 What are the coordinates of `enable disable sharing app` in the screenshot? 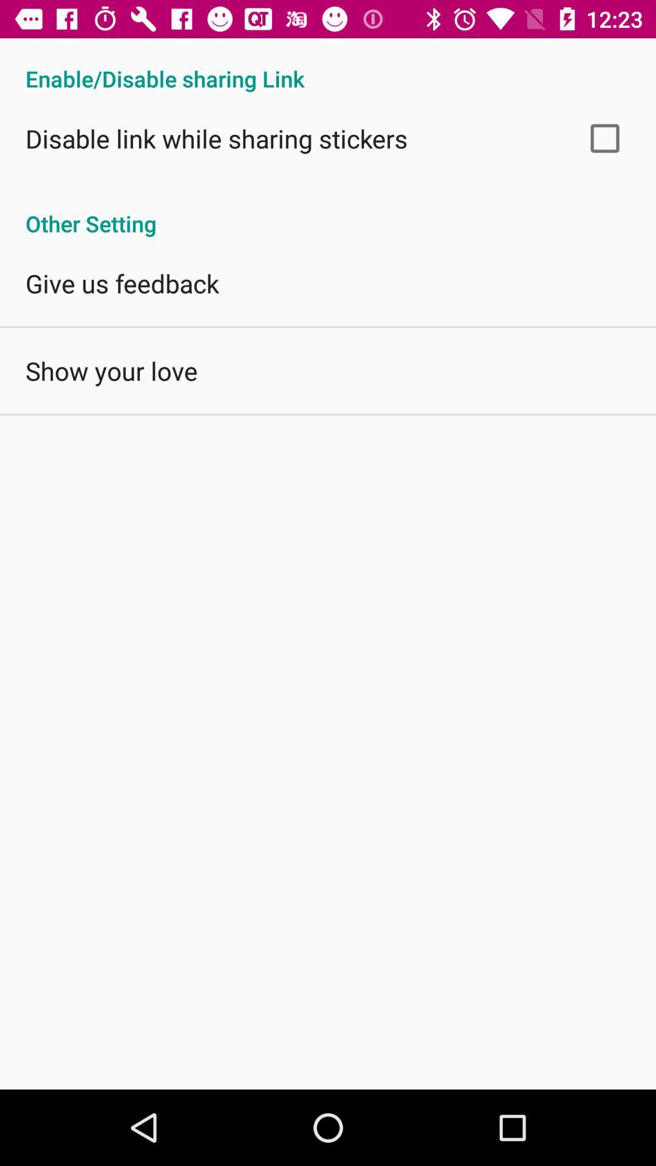 It's located at (328, 65).